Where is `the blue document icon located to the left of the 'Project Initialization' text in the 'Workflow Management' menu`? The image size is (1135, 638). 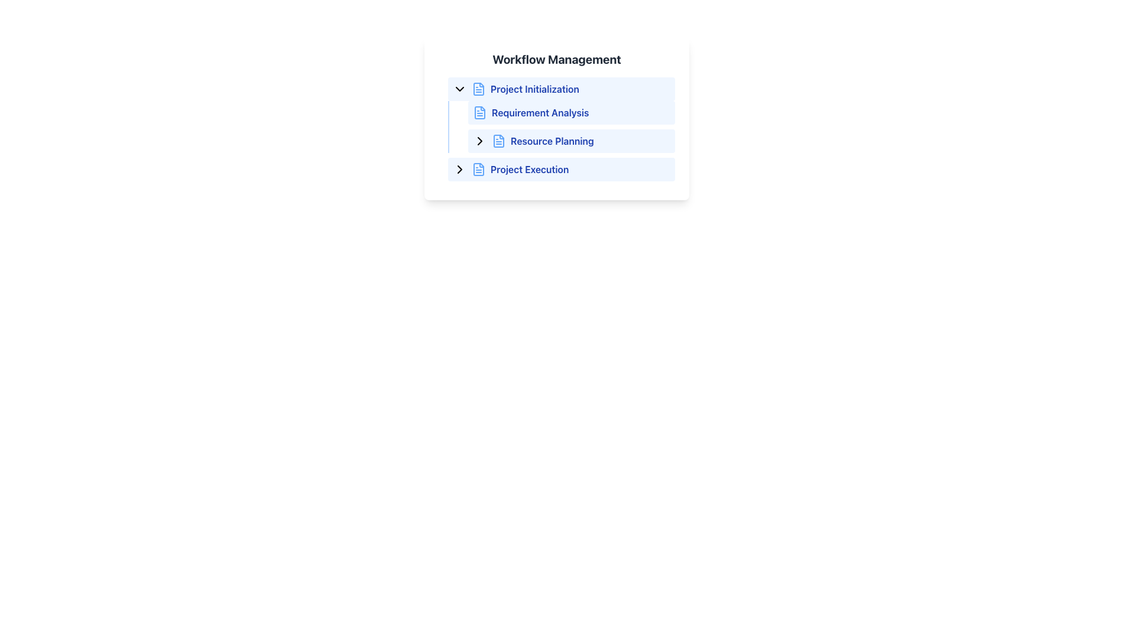 the blue document icon located to the left of the 'Project Initialization' text in the 'Workflow Management' menu is located at coordinates (479, 88).